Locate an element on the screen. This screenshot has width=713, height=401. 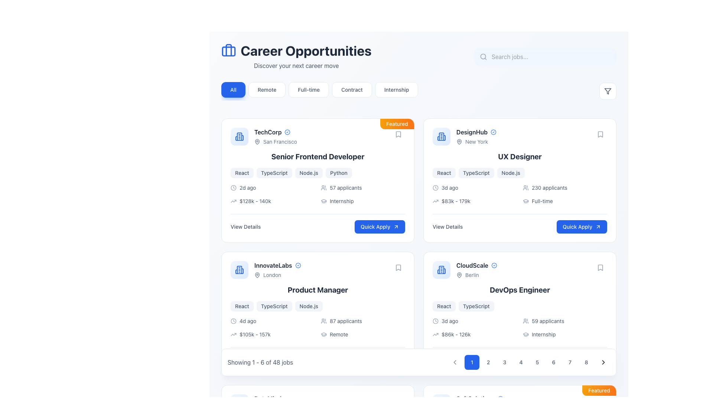
the pill-shaped label displaying 'TypeScript' with a light gray background, positioned in the job posting section titled 'InnovateLabs Product Manager' is located at coordinates (274, 306).